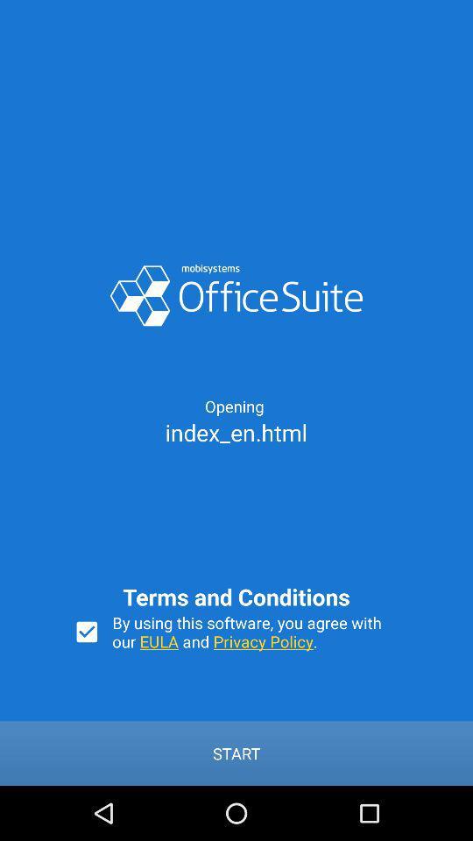 This screenshot has width=473, height=841. Describe the element at coordinates (86, 631) in the screenshot. I see `the item to the left of the by using this` at that location.